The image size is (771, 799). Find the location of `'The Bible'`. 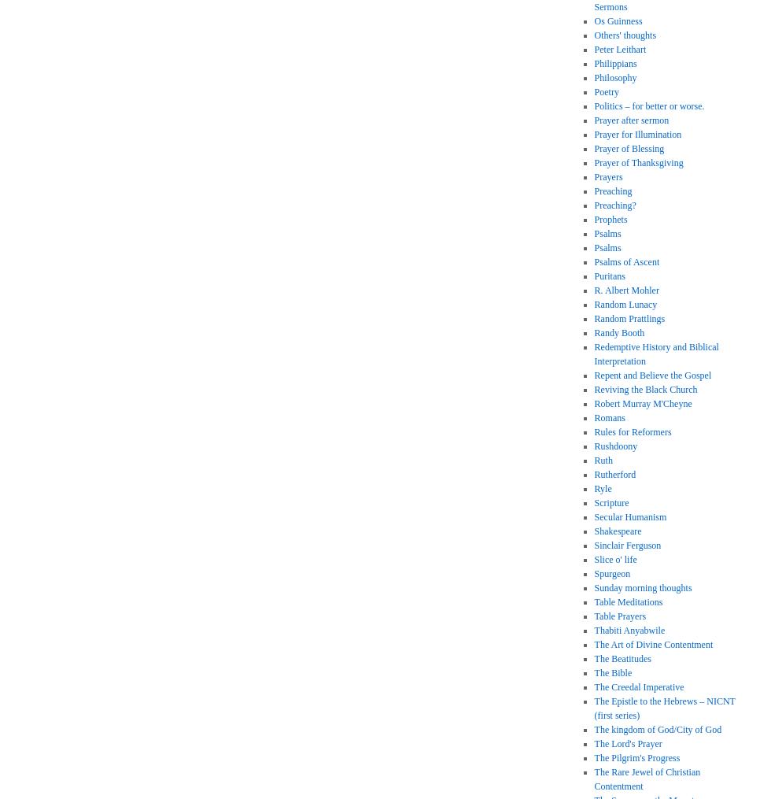

'The Bible' is located at coordinates (613, 673).